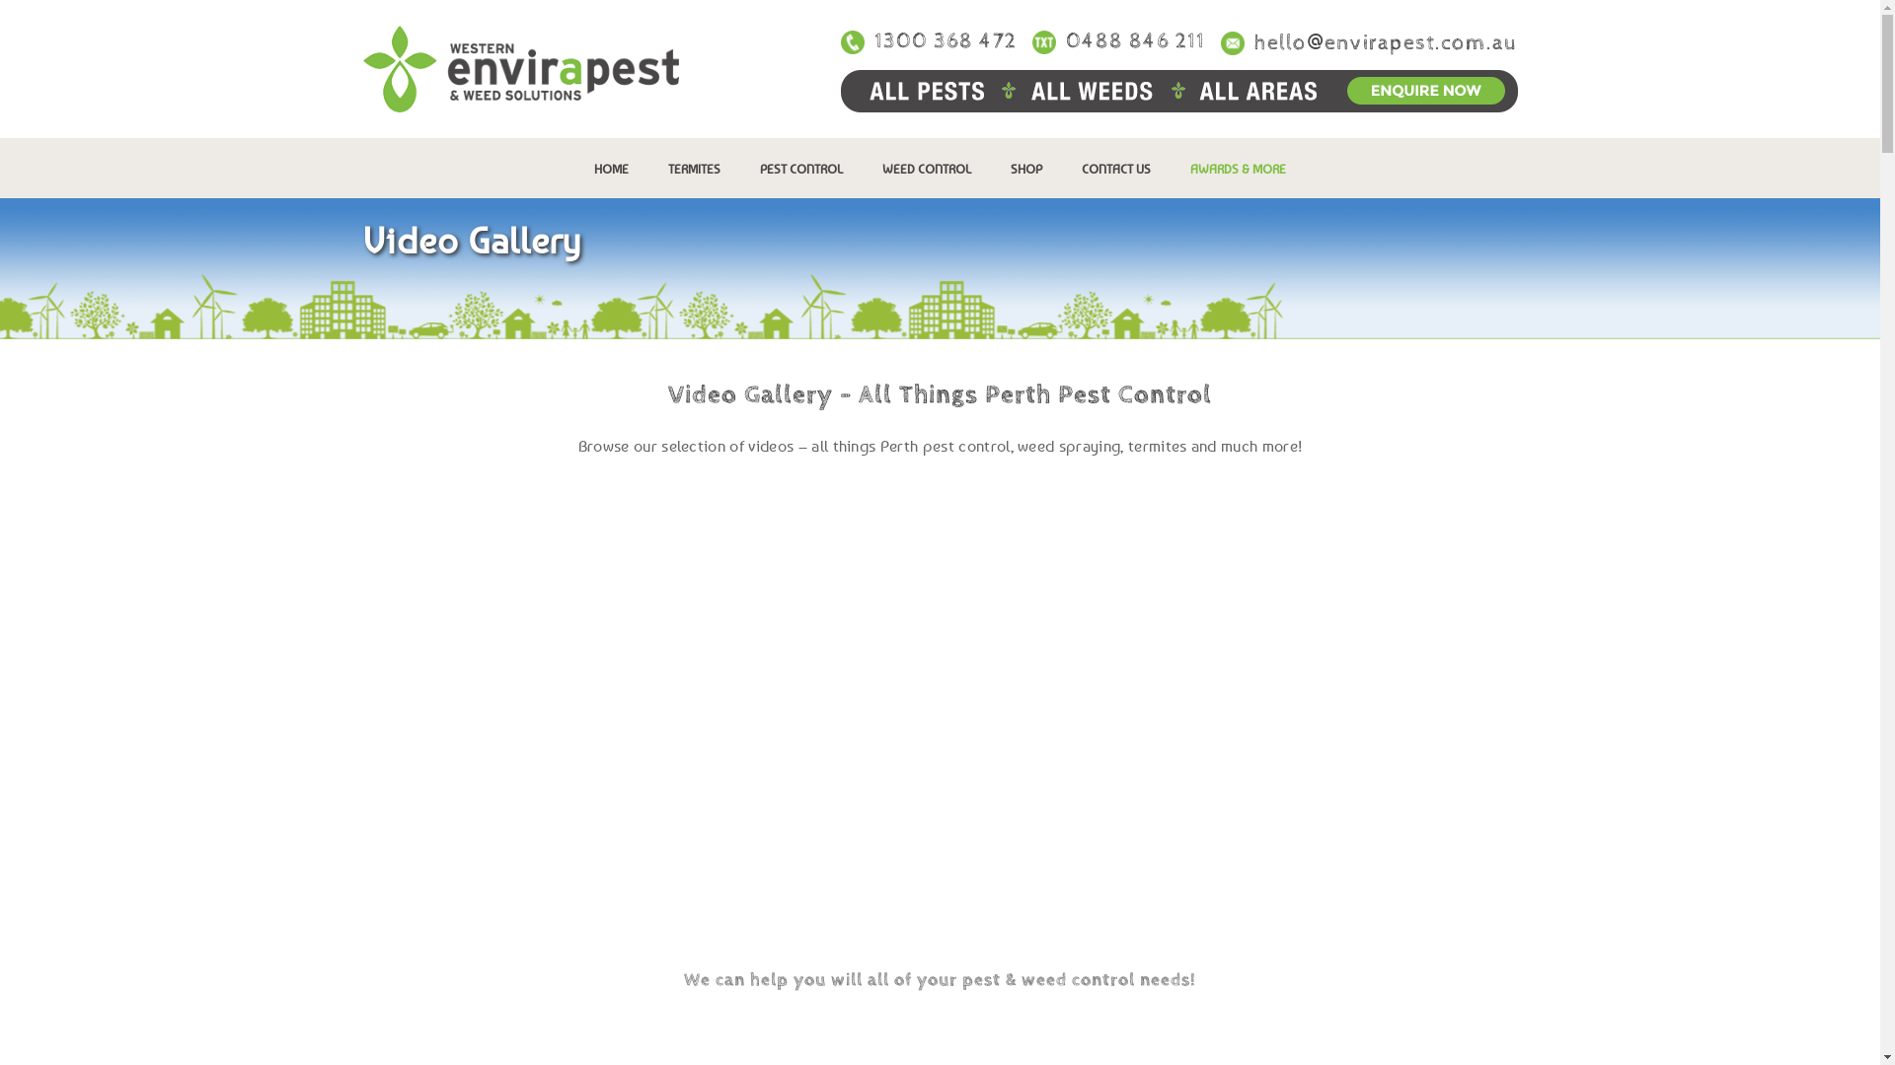 Image resolution: width=1895 pixels, height=1065 pixels. Describe the element at coordinates (694, 167) in the screenshot. I see `'TERMITES'` at that location.